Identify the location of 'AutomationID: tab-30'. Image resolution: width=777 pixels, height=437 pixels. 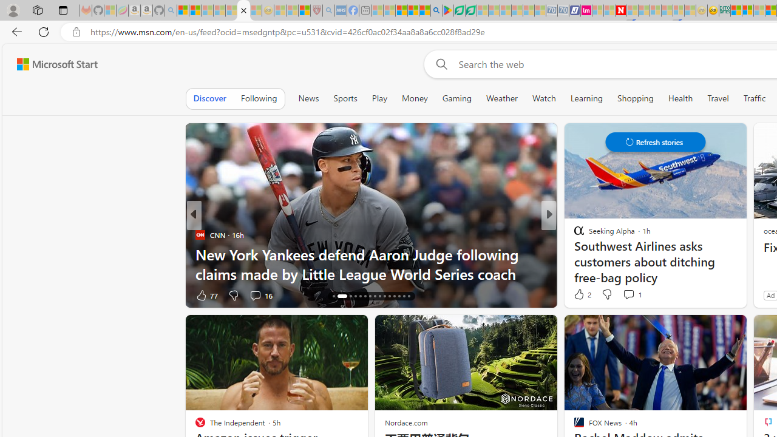
(409, 296).